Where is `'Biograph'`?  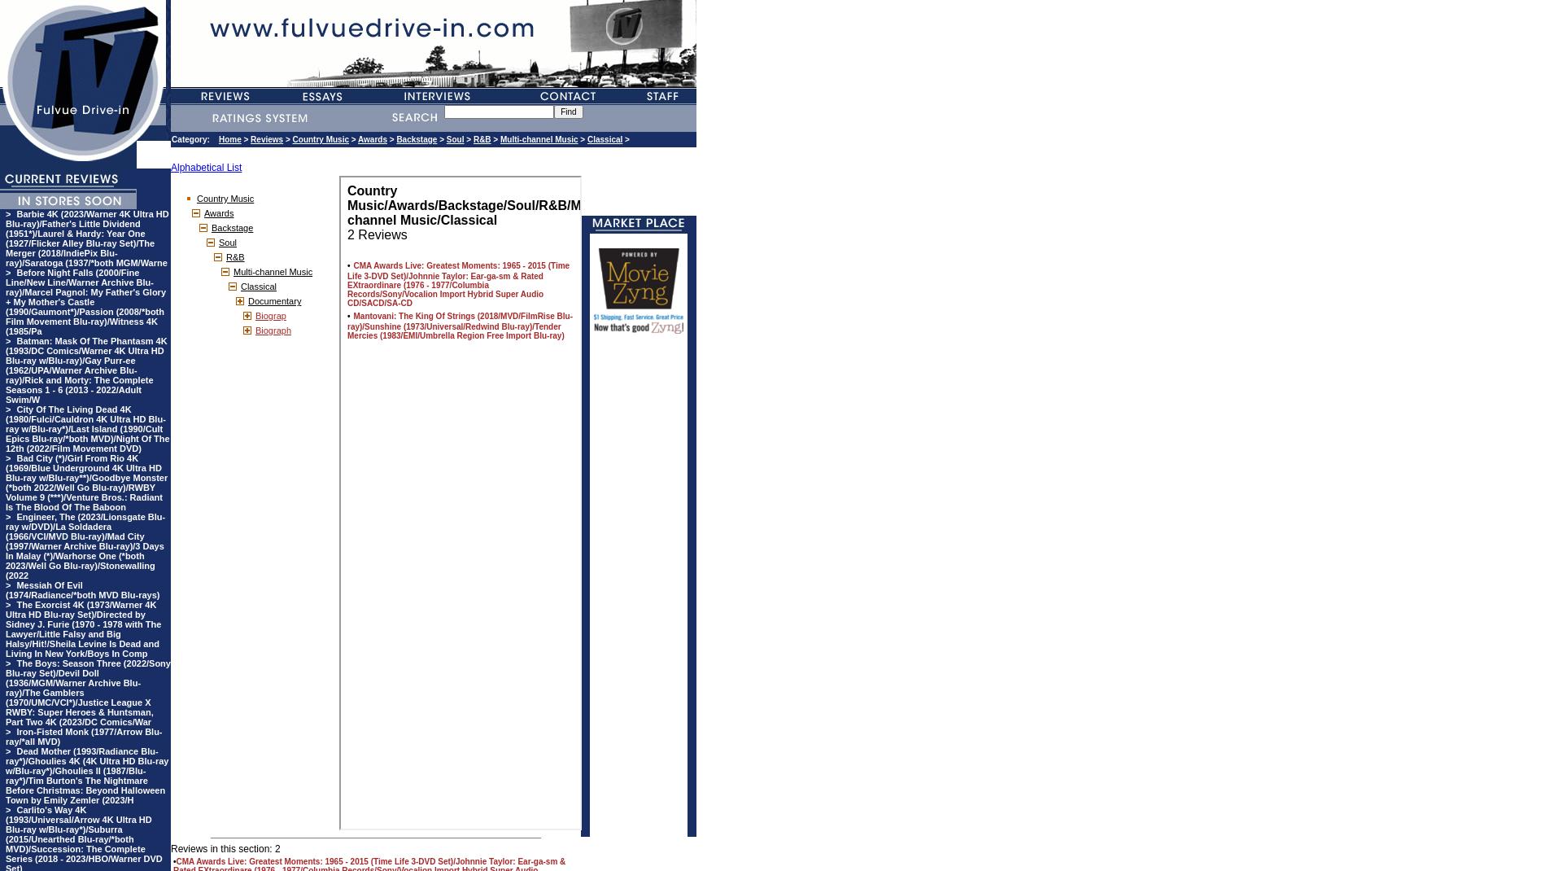
'Biograph' is located at coordinates (272, 329).